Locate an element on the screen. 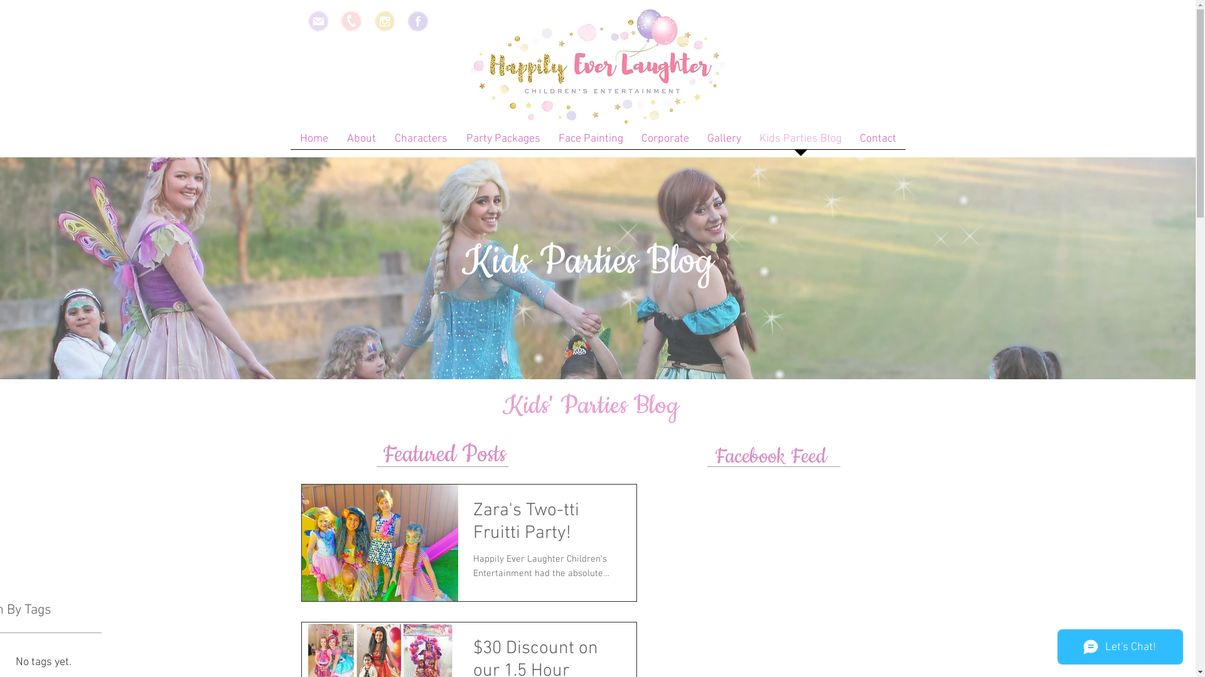 This screenshot has height=677, width=1205. 'Contact' is located at coordinates (877, 142).